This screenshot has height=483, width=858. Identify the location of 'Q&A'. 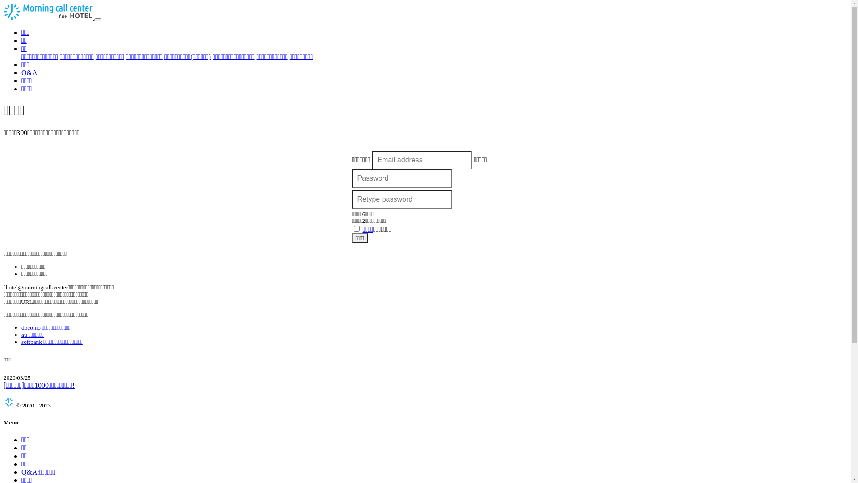
(29, 72).